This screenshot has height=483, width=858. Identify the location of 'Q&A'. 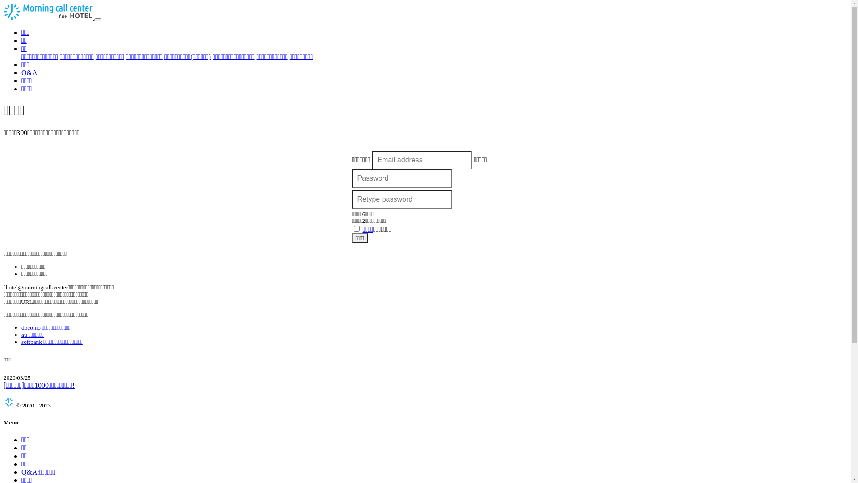
(29, 72).